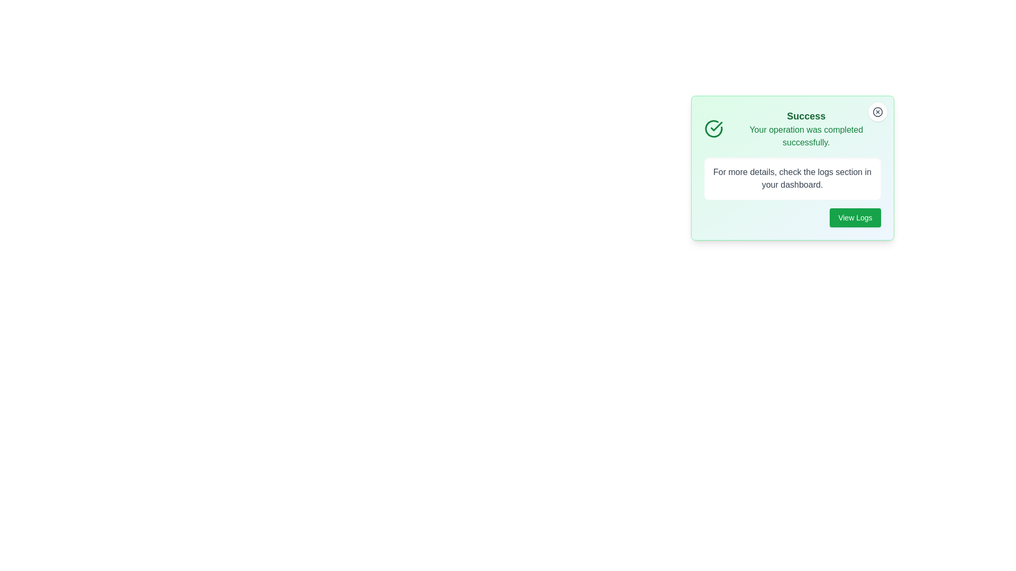 Image resolution: width=1016 pixels, height=571 pixels. Describe the element at coordinates (855, 217) in the screenshot. I see `the 'View Logs' button to navigate to the logs section` at that location.